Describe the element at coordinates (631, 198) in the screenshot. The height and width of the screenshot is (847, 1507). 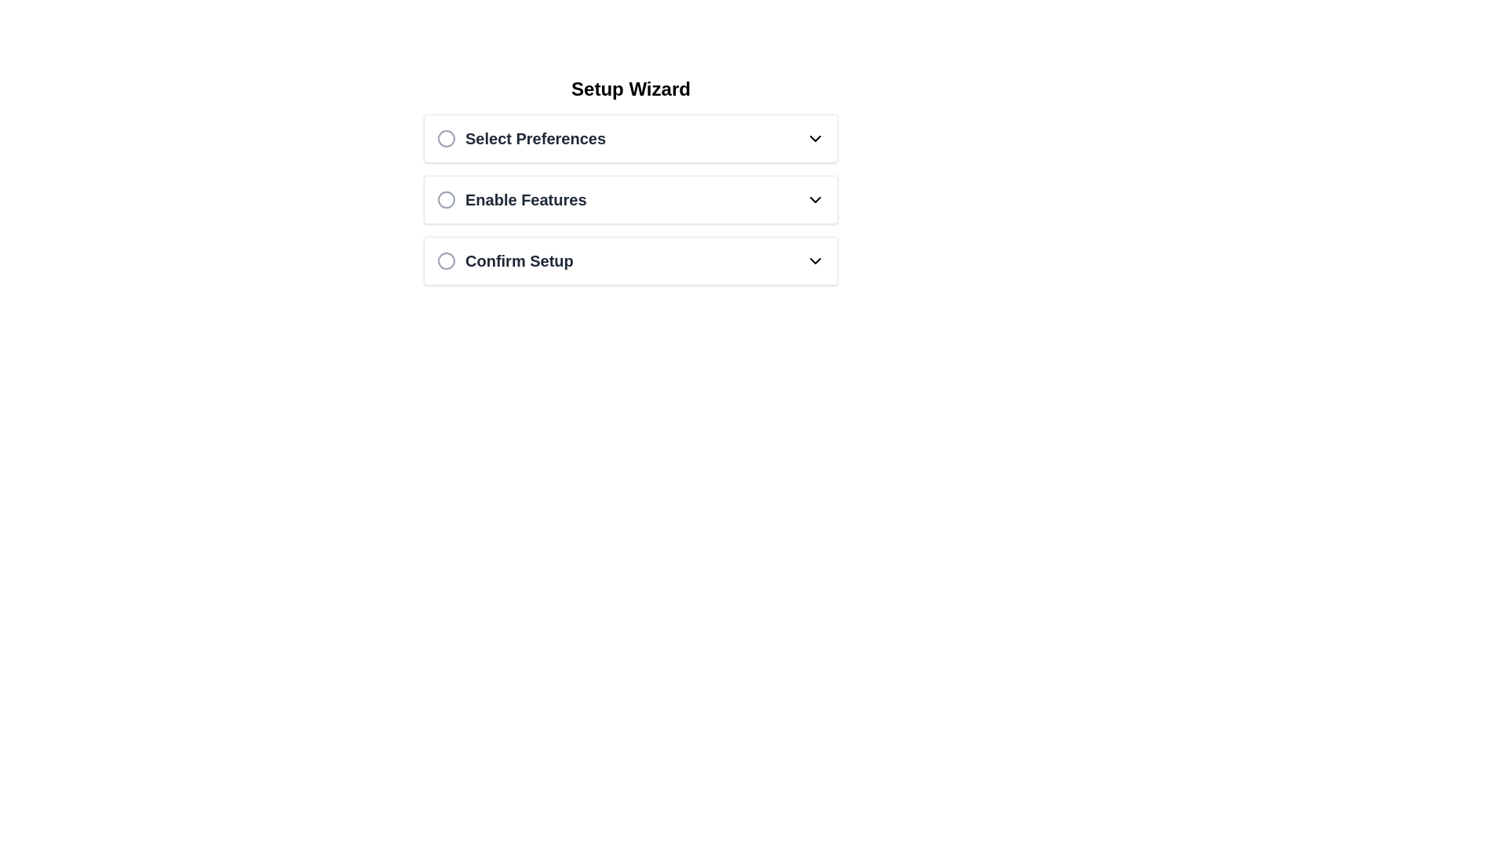
I see `the second option in the Selectable section with a radio button and dropdown capability, located underneath 'Select Preferences' and above 'Confirm Setup'` at that location.